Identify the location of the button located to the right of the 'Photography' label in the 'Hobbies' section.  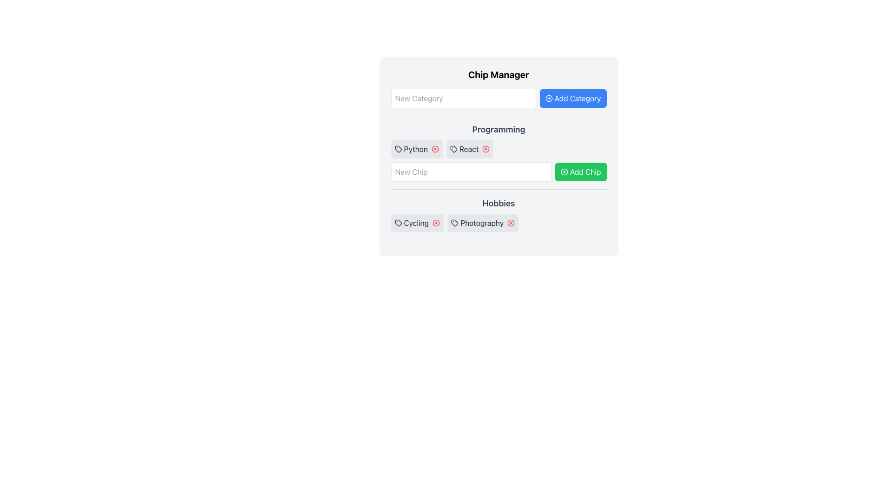
(510, 223).